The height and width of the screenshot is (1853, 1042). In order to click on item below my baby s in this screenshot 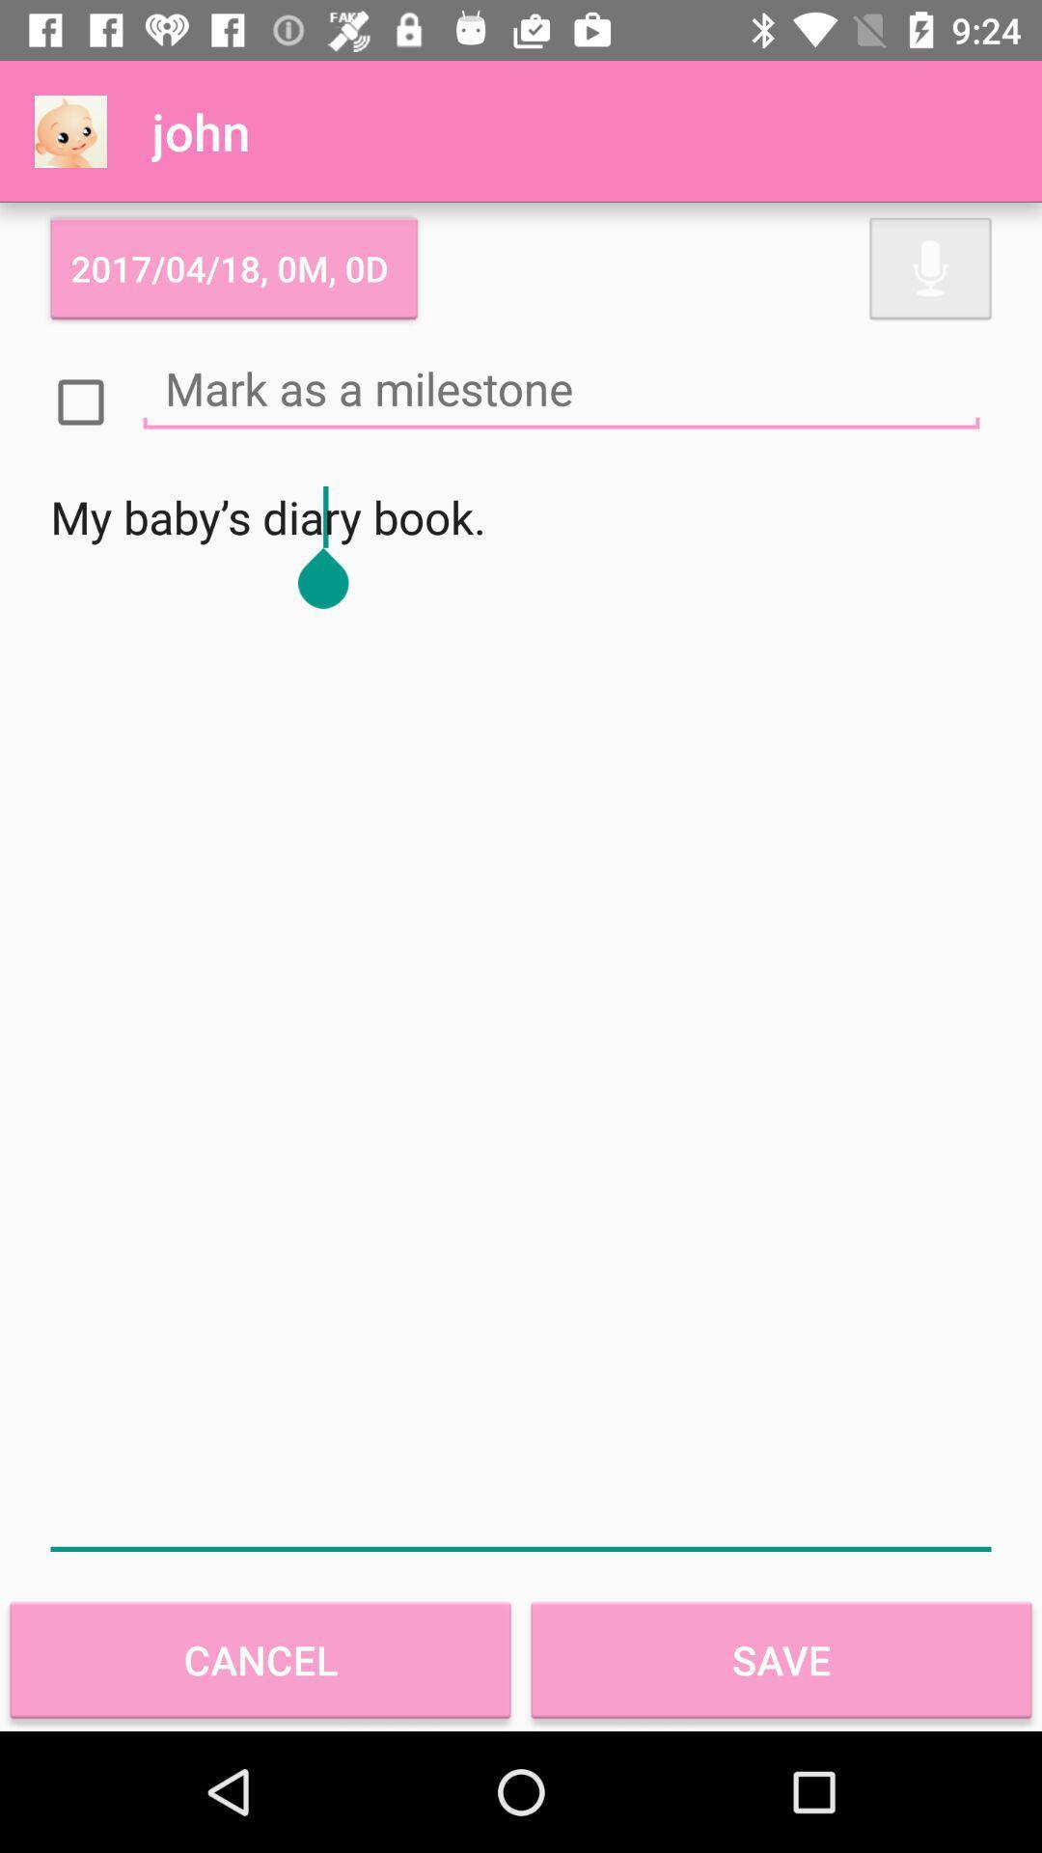, I will do `click(260, 1659)`.